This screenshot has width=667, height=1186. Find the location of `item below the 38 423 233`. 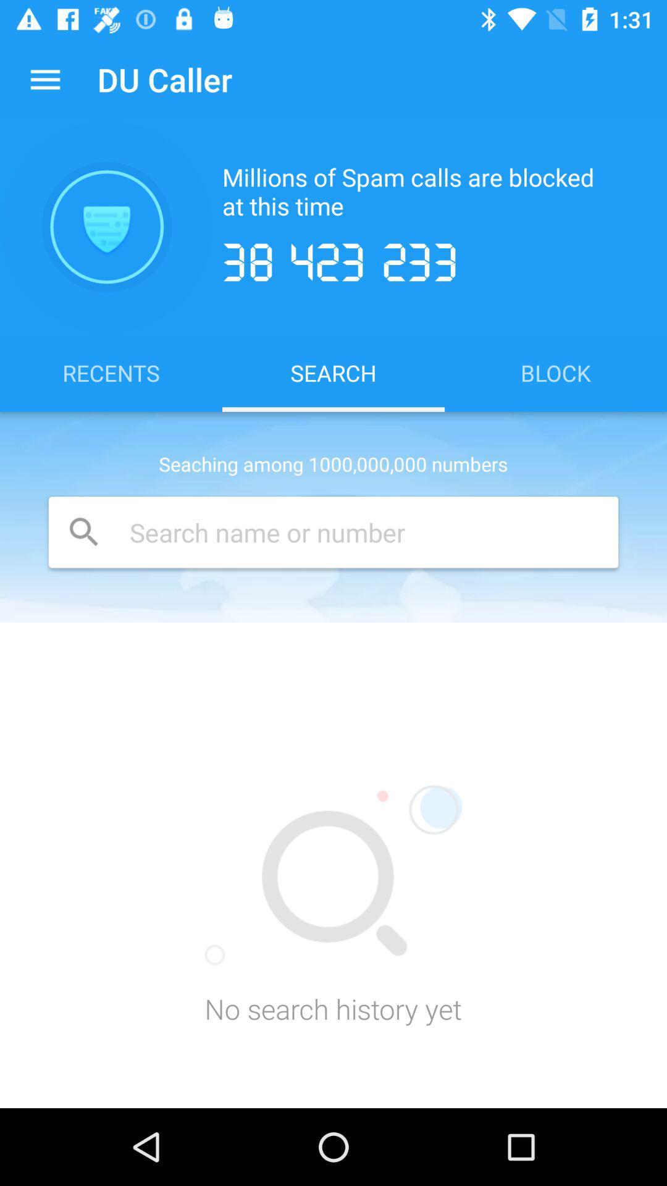

item below the 38 423 233 is located at coordinates (555, 372).